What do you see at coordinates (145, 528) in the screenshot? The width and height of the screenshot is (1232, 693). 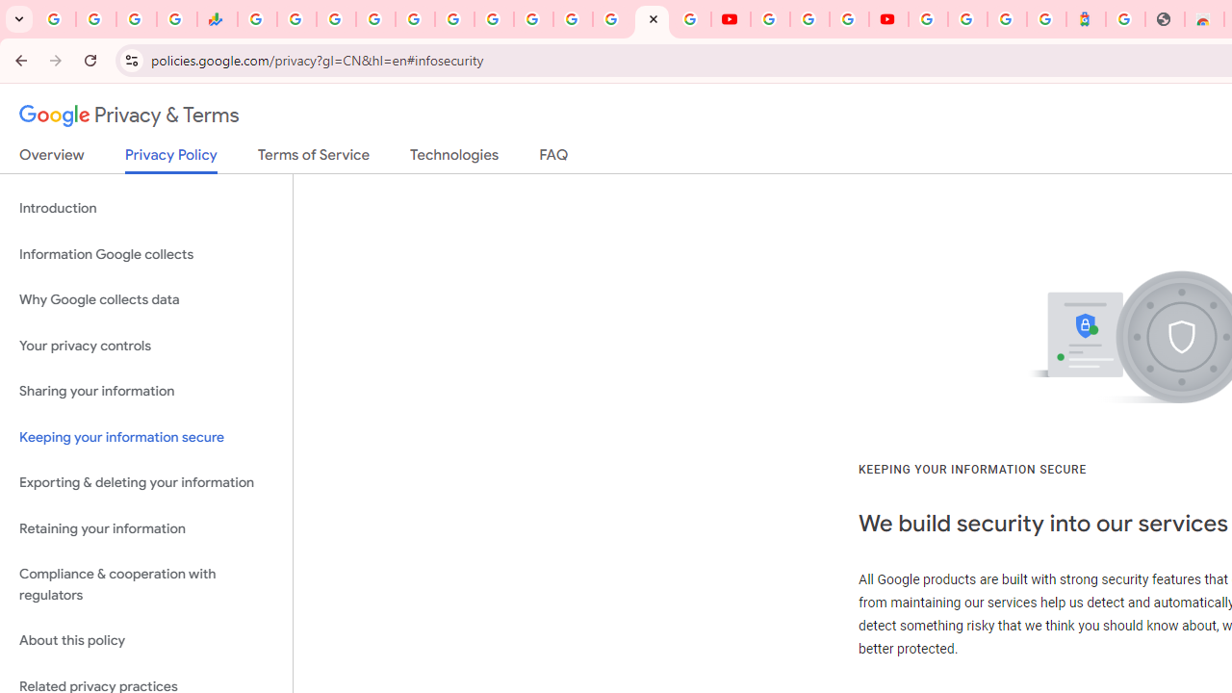 I see `'Retaining your information'` at bounding box center [145, 528].